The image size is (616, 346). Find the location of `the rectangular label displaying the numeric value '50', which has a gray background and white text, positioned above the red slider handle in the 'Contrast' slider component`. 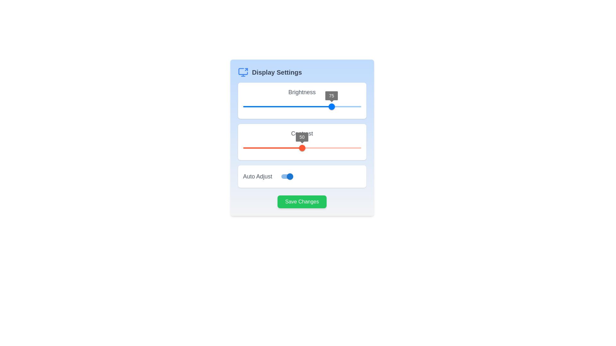

the rectangular label displaying the numeric value '50', which has a gray background and white text, positioned above the red slider handle in the 'Contrast' slider component is located at coordinates (302, 137).